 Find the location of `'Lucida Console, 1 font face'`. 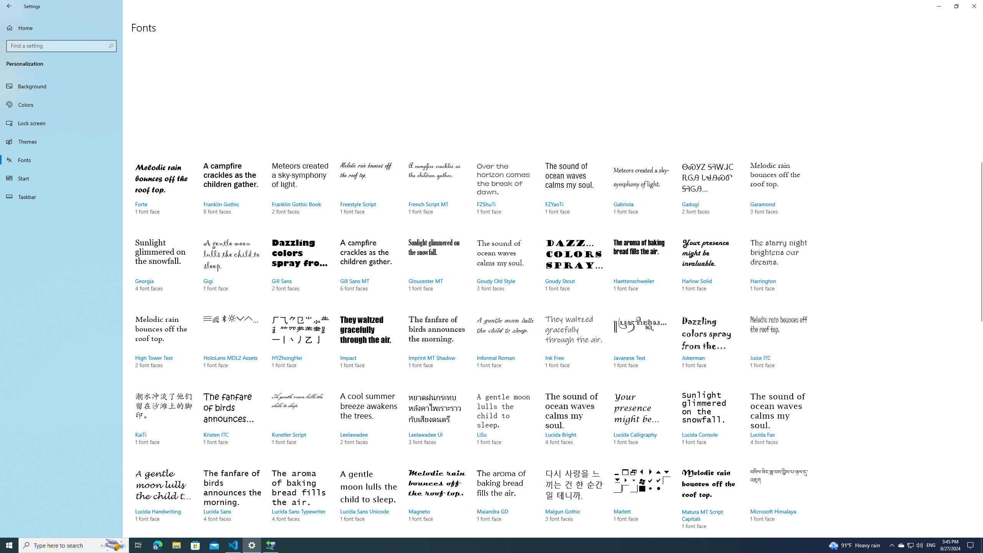

'Lucida Console, 1 font face' is located at coordinates (710, 426).